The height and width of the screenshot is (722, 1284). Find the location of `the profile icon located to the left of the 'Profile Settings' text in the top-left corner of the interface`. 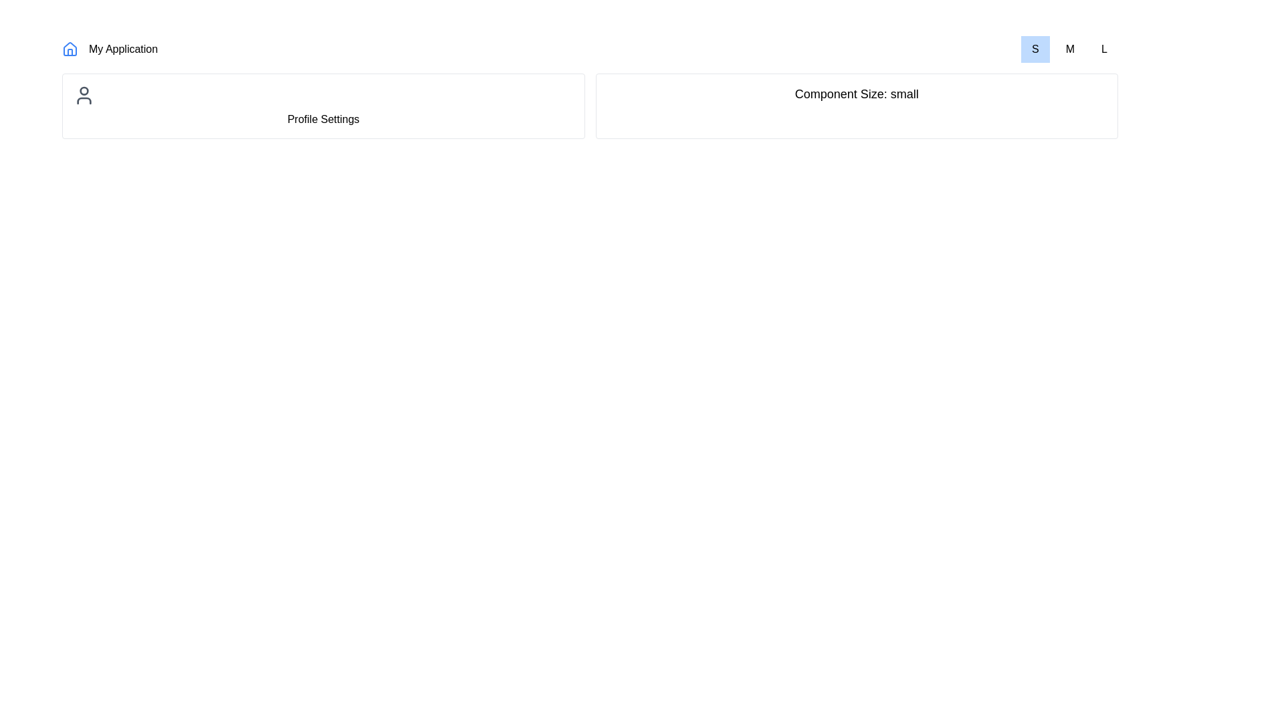

the profile icon located to the left of the 'Profile Settings' text in the top-left corner of the interface is located at coordinates (83, 94).